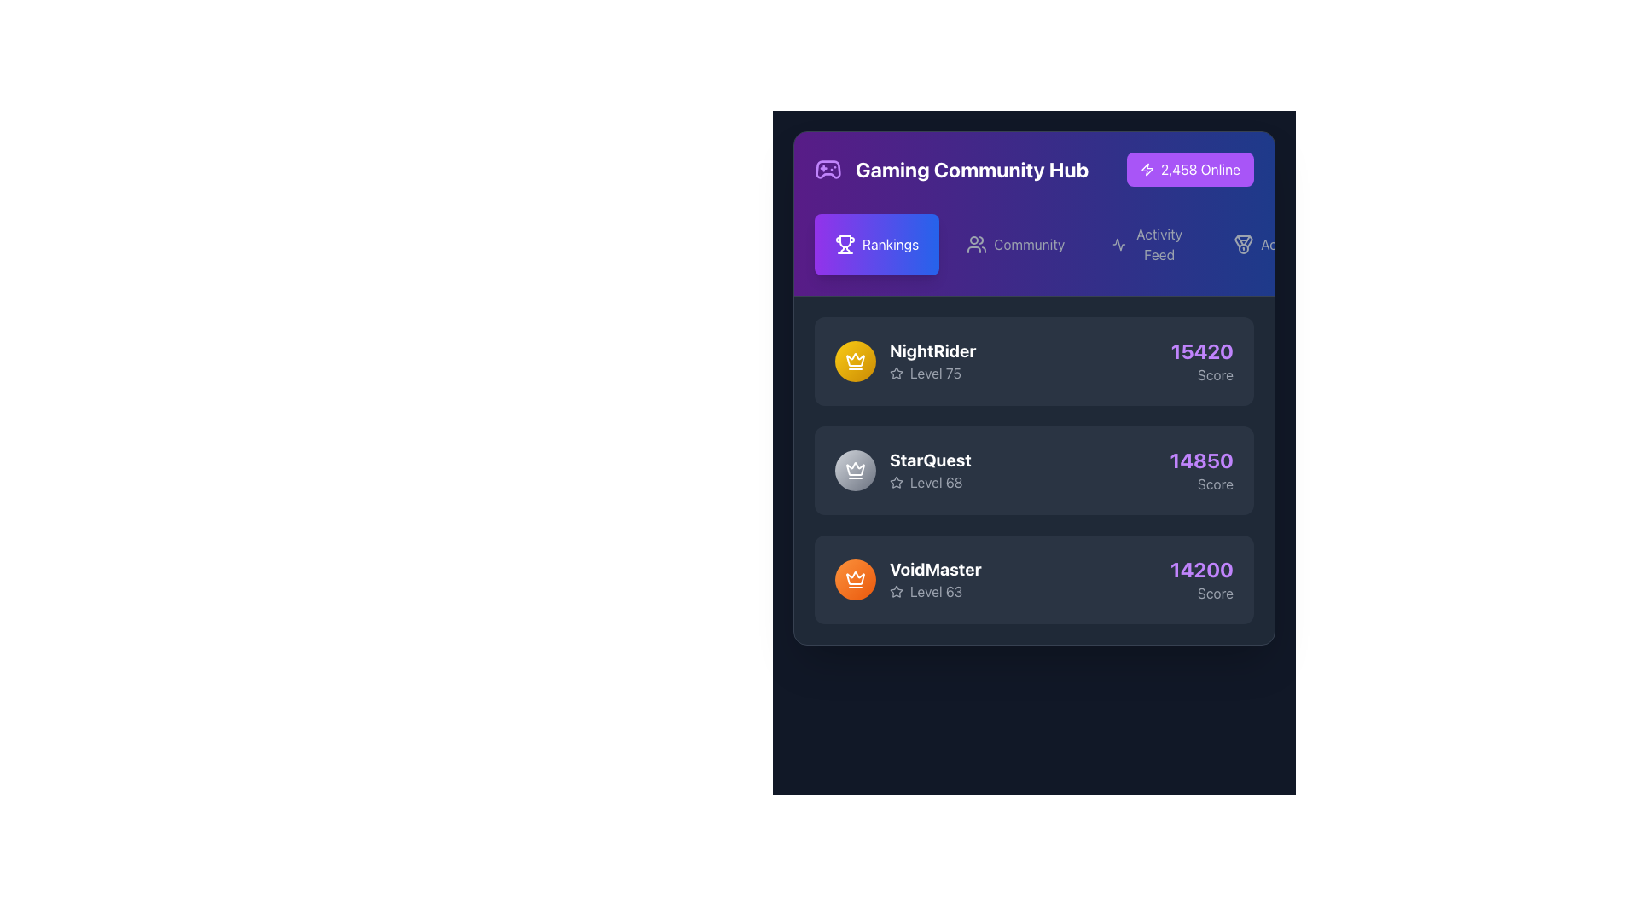 This screenshot has height=921, width=1638. What do you see at coordinates (1201, 374) in the screenshot?
I see `the text label displaying 'Score' in gray, located below the purple score value '15420' on the leaderboard panel` at bounding box center [1201, 374].